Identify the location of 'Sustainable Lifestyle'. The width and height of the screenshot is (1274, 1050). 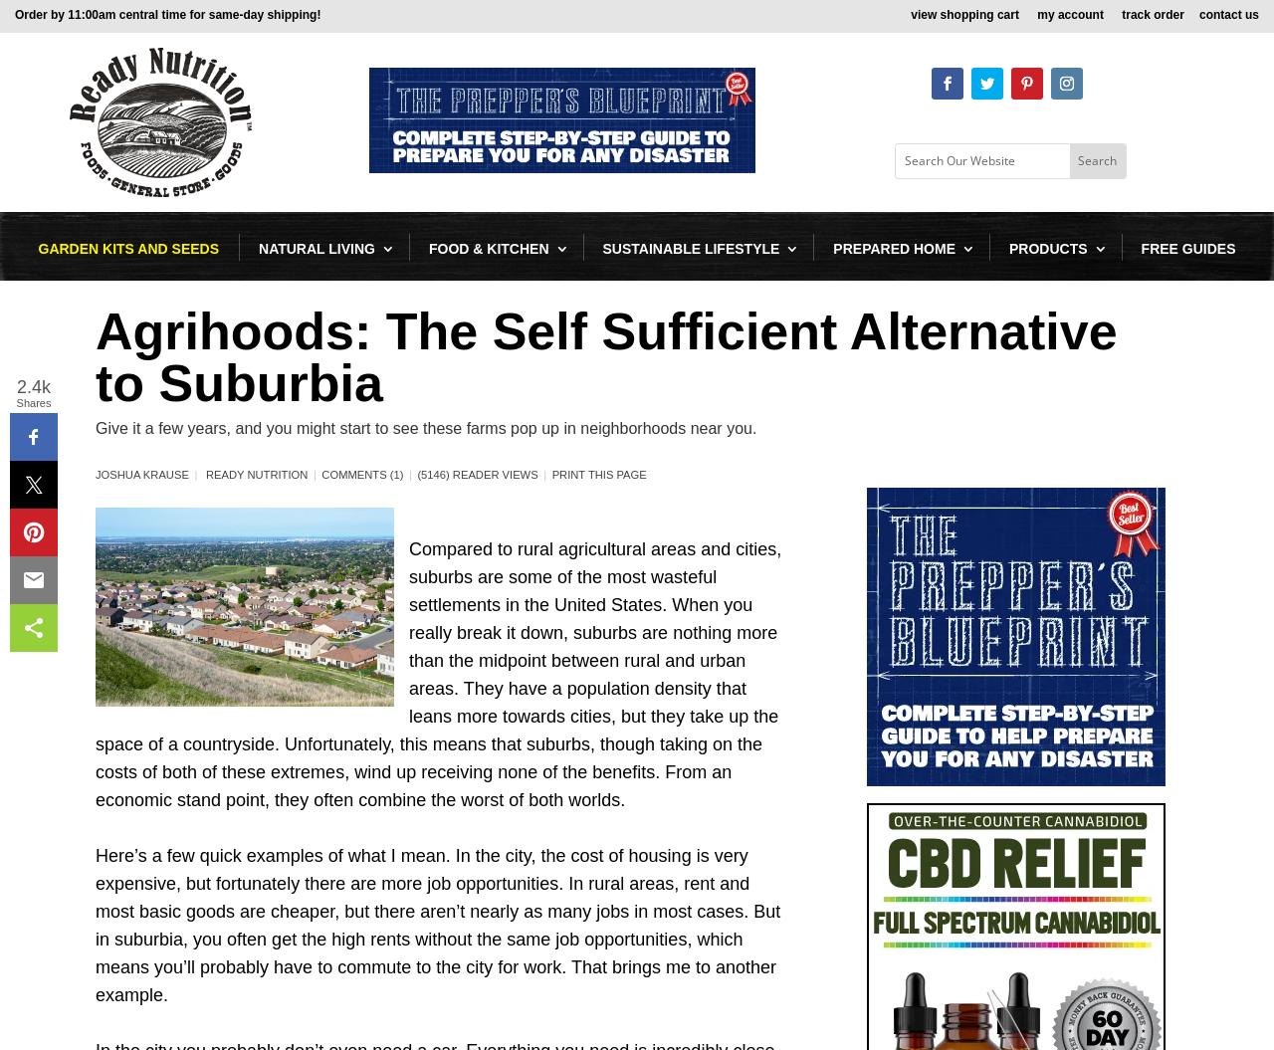
(691, 249).